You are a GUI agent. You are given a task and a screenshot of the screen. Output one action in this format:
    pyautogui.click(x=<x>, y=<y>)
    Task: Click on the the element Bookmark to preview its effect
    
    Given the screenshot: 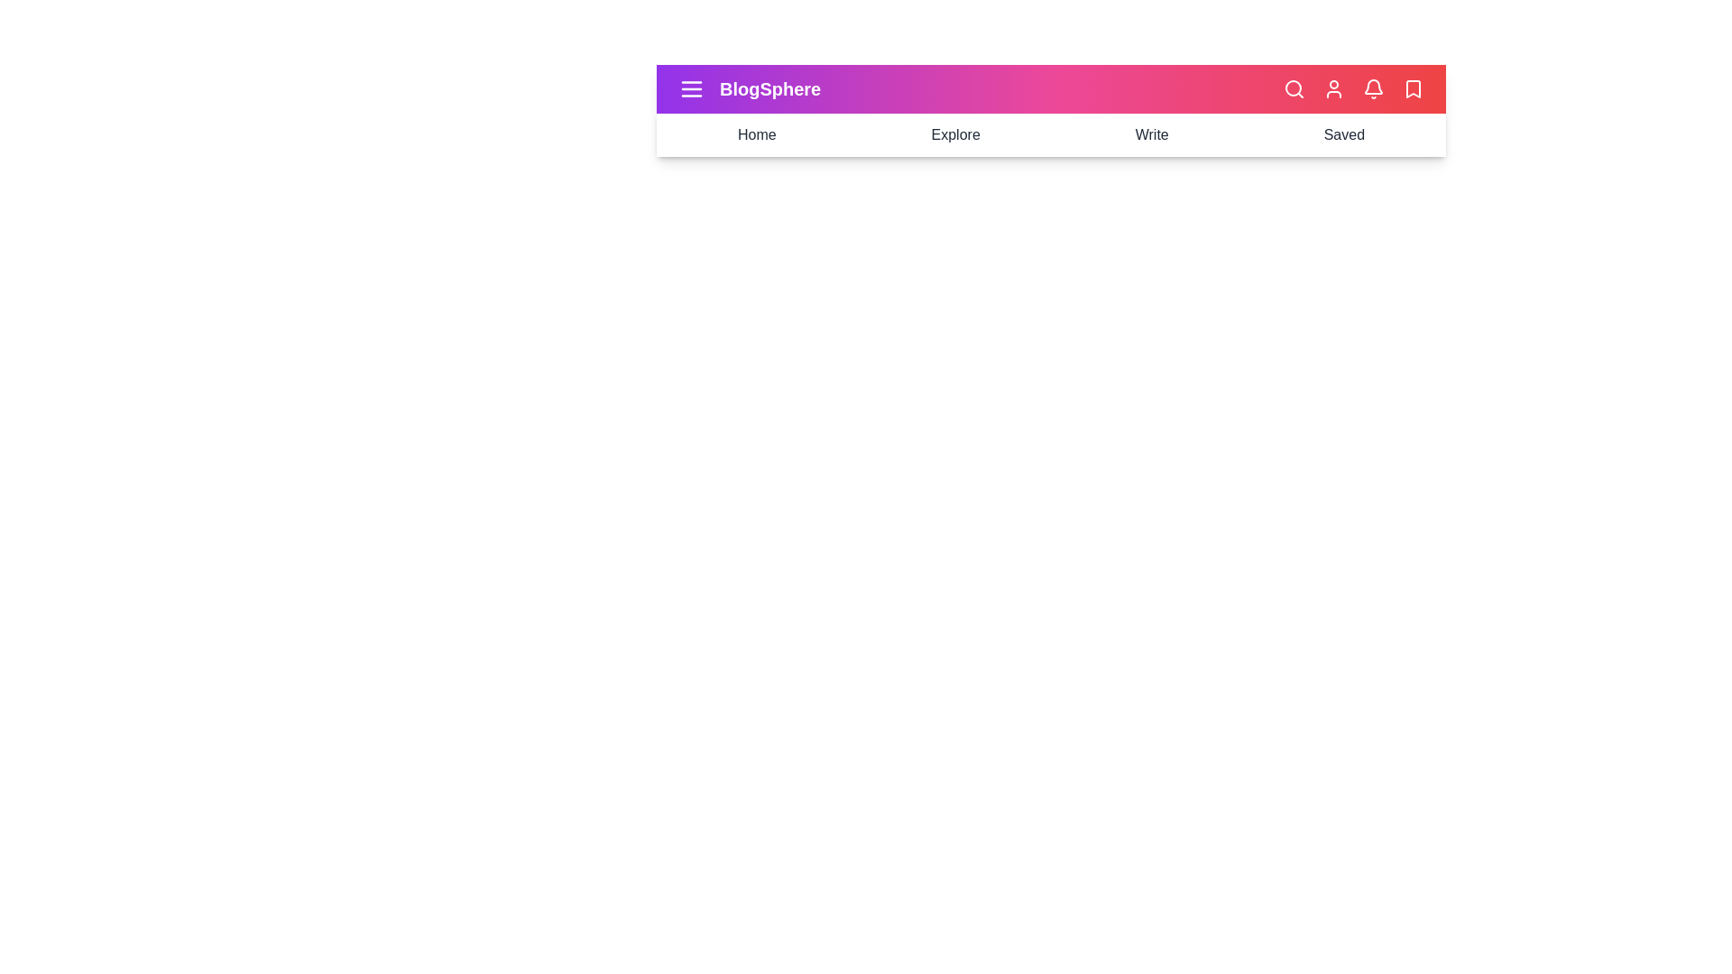 What is the action you would take?
    pyautogui.click(x=1412, y=89)
    